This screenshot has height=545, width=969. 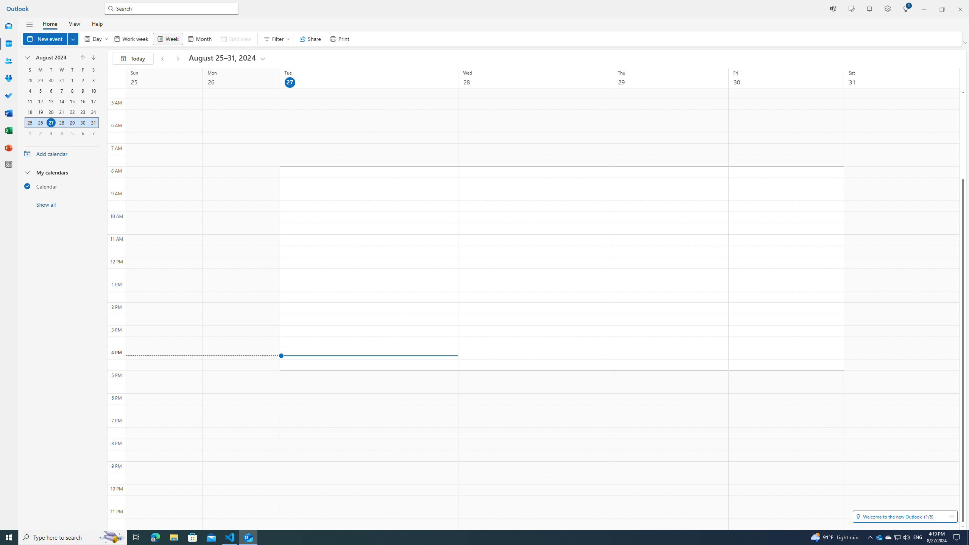 I want to click on 'People', so click(x=9, y=61).